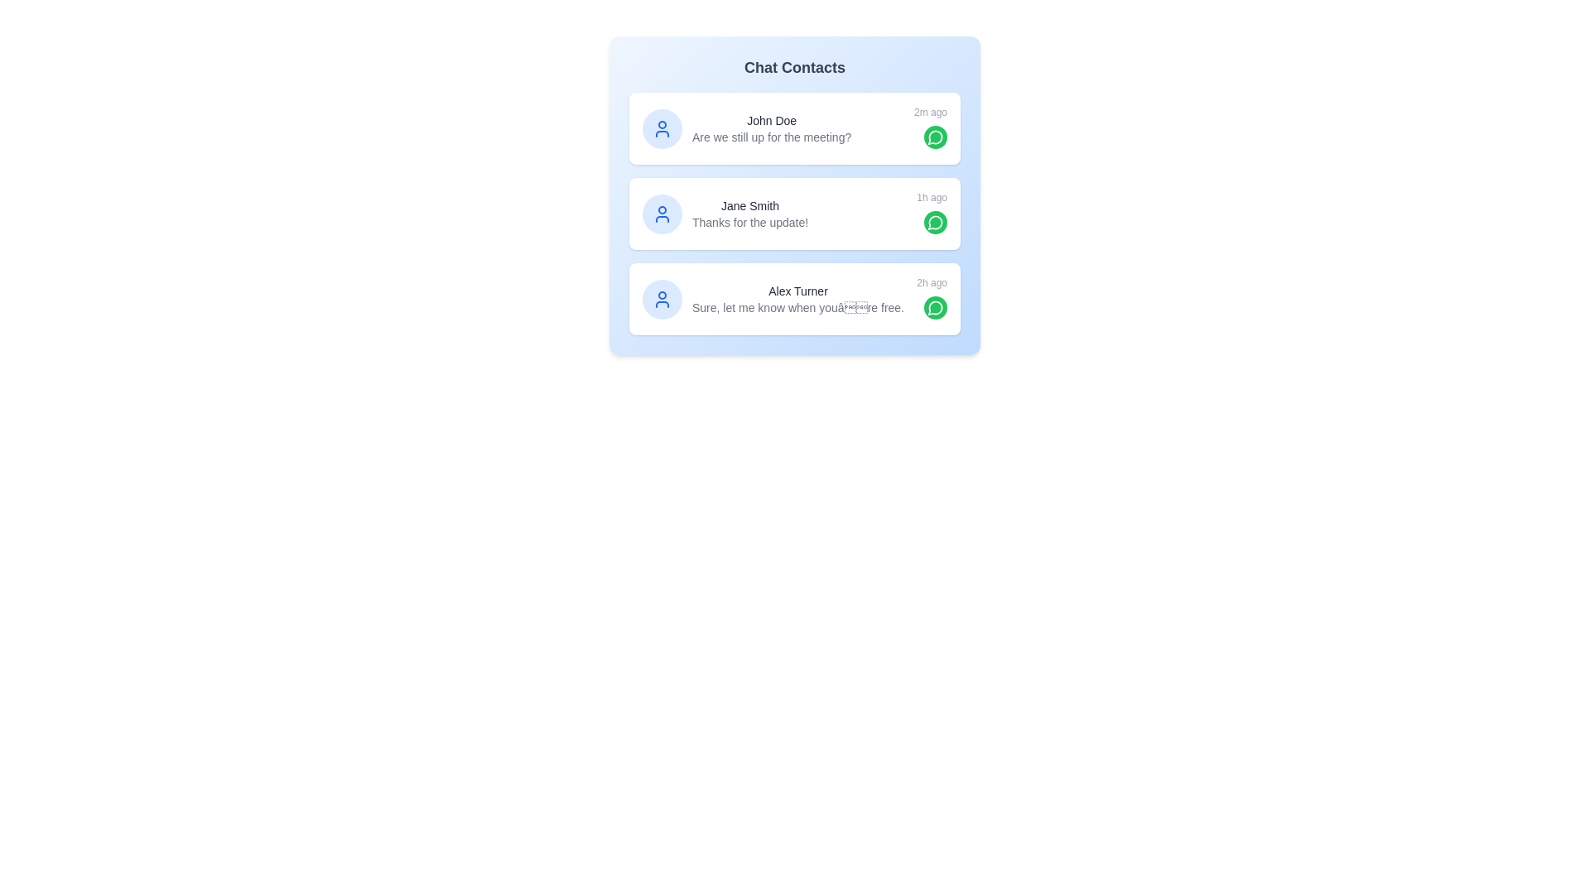 Image resolution: width=1590 pixels, height=894 pixels. Describe the element at coordinates (662, 299) in the screenshot. I see `the name or avatar of Alex Turner to view their details` at that location.